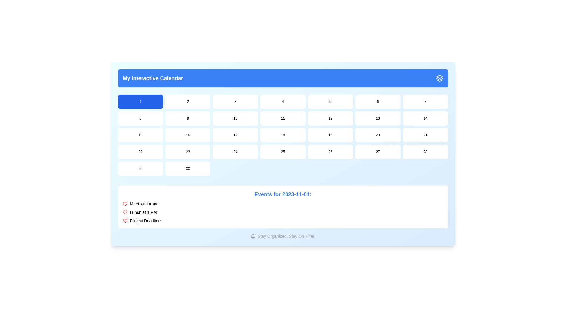 The image size is (574, 323). I want to click on the motivational subtitle located at the bottom center of the calendar area, directly below the event list section, so click(283, 236).